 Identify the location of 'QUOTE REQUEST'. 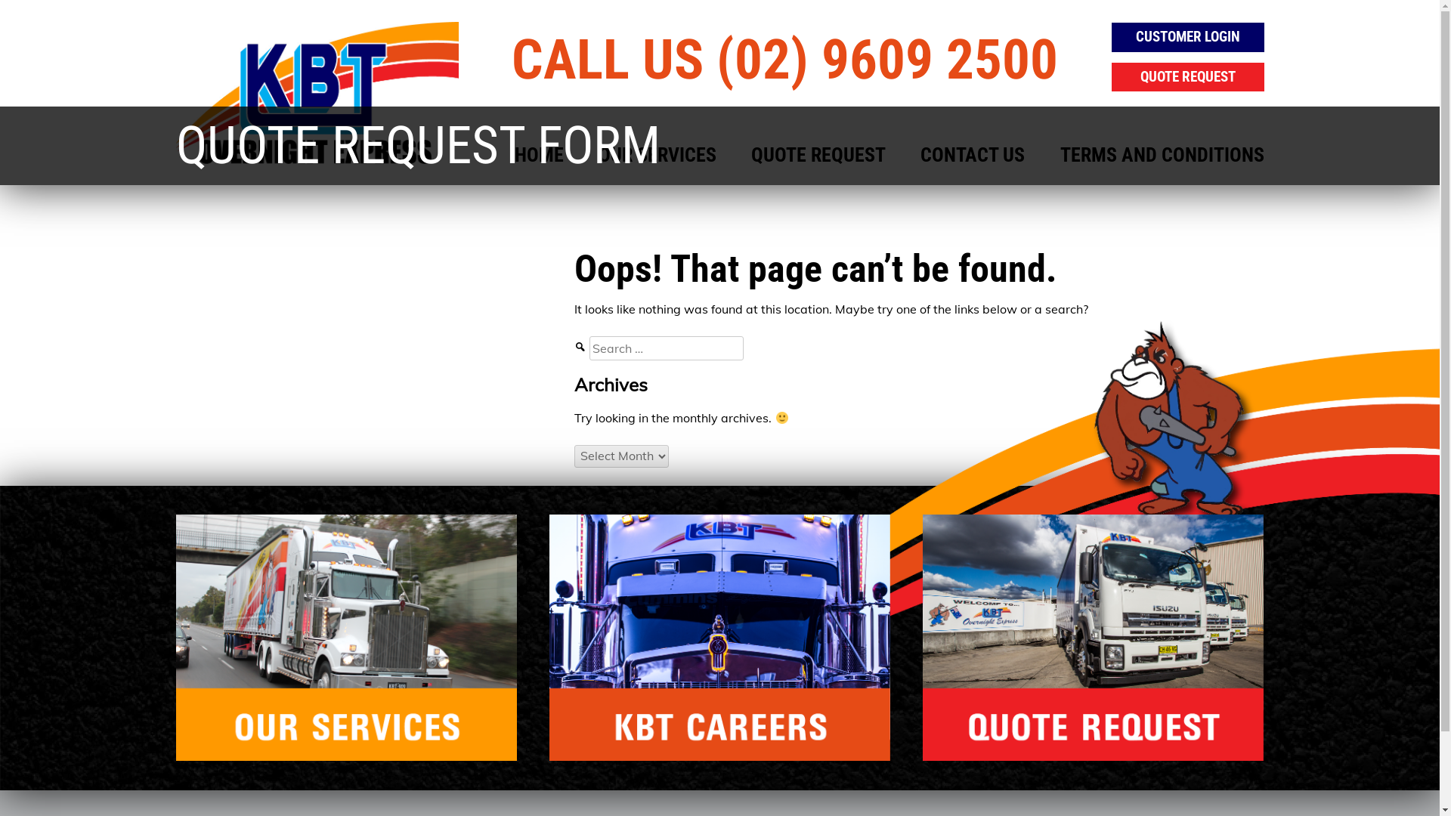
(750, 155).